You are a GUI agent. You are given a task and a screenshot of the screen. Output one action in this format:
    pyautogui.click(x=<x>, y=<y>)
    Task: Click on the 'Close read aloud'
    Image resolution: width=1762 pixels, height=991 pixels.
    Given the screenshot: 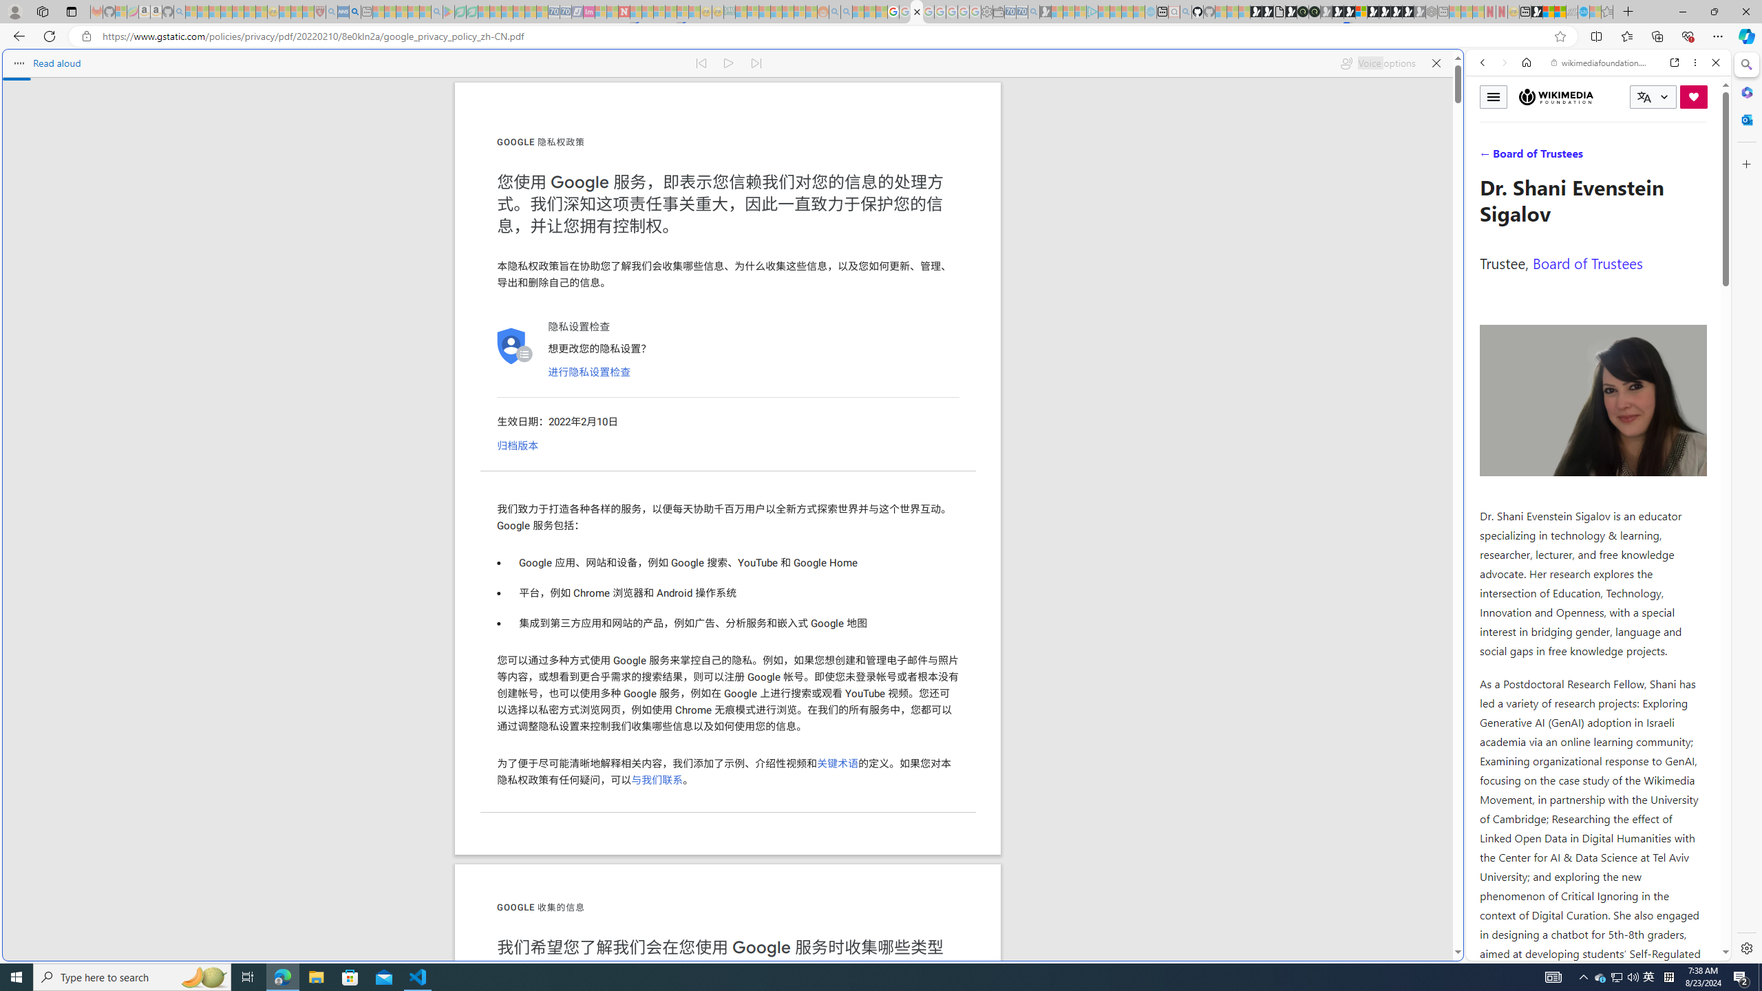 What is the action you would take?
    pyautogui.click(x=1436, y=63)
    